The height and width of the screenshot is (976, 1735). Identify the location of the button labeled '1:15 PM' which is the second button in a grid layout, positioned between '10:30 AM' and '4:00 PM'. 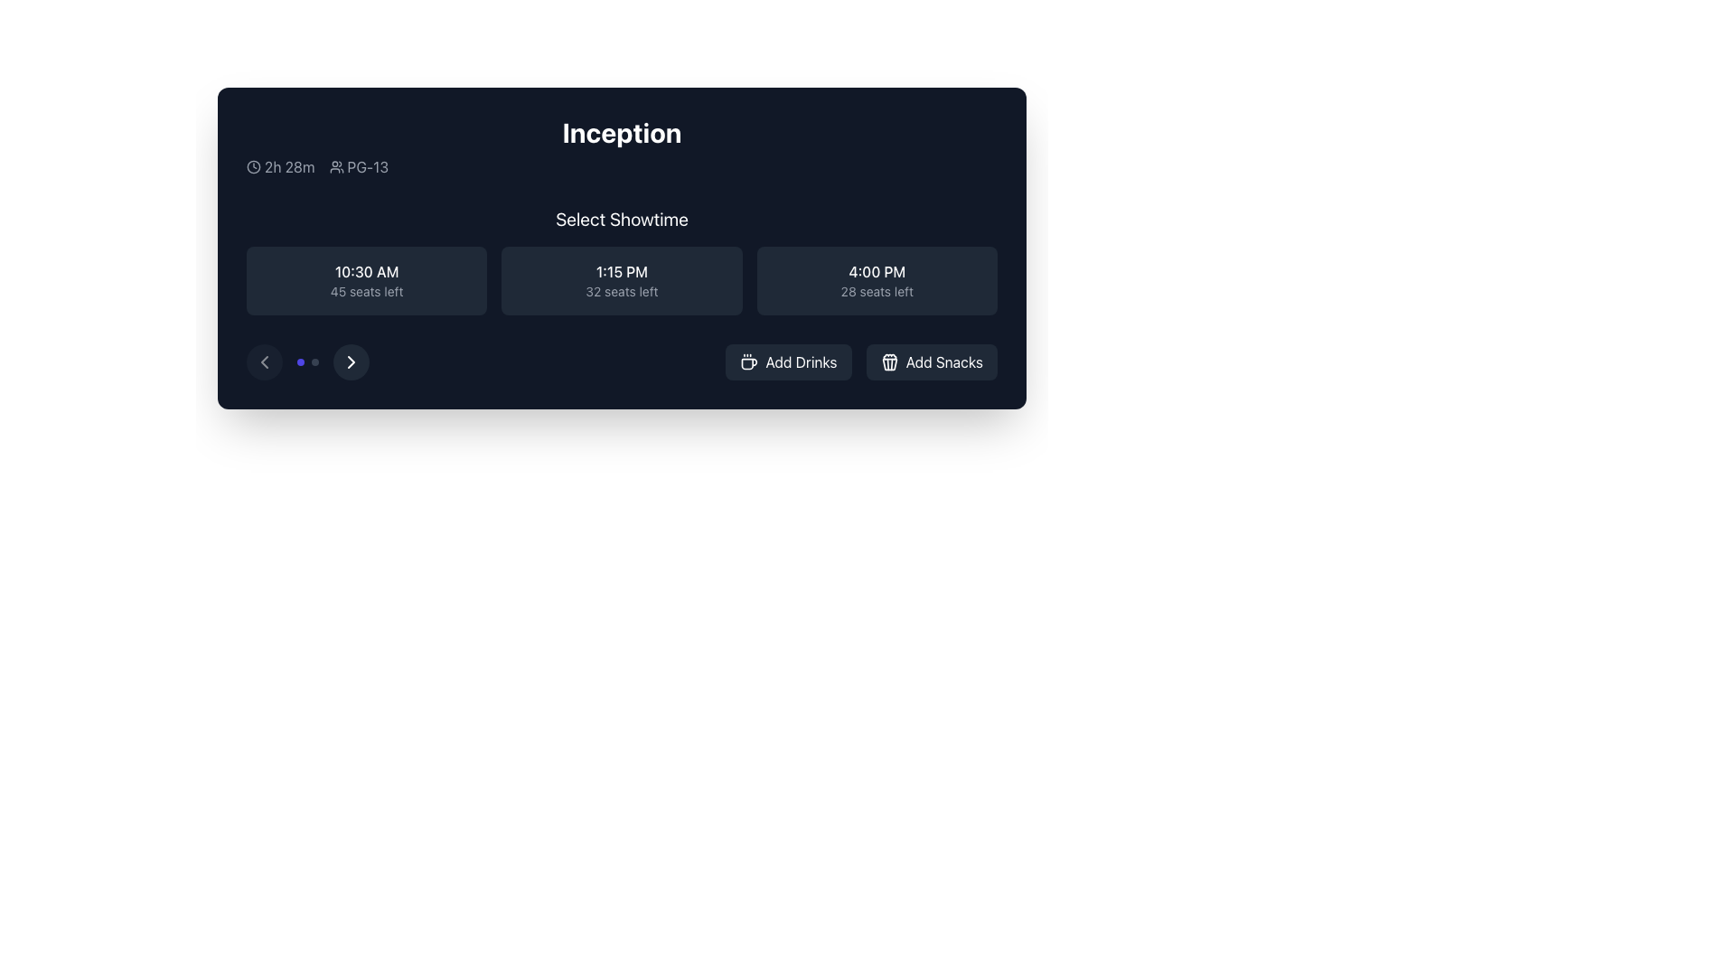
(622, 281).